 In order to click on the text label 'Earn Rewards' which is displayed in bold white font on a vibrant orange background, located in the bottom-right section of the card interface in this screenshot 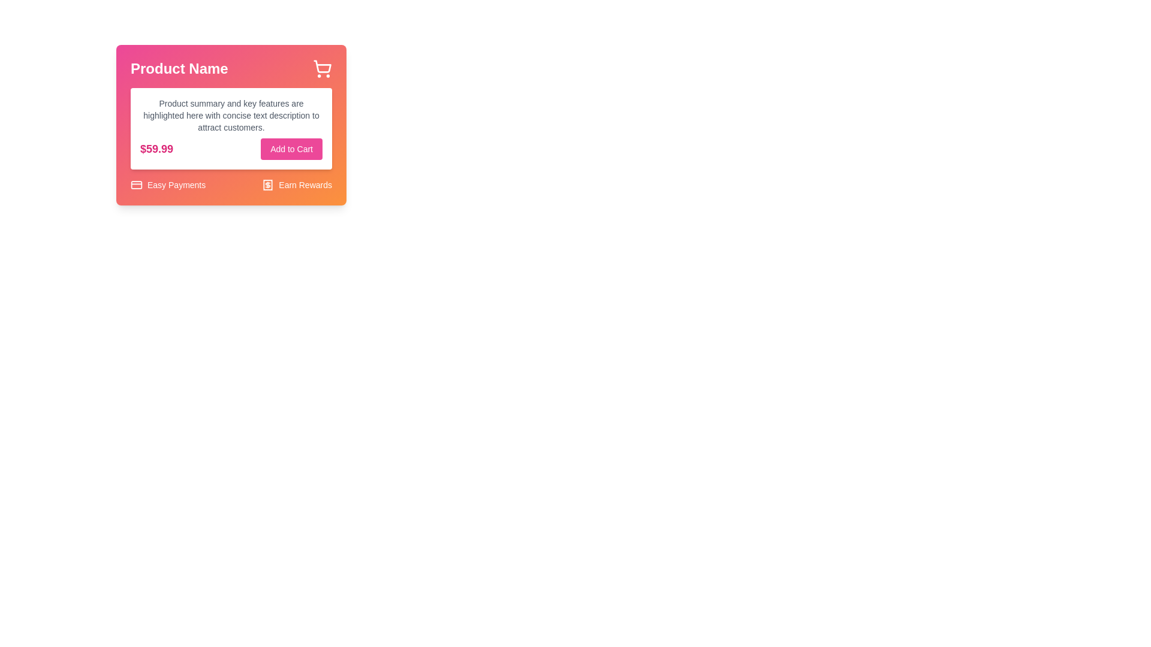, I will do `click(305, 185)`.